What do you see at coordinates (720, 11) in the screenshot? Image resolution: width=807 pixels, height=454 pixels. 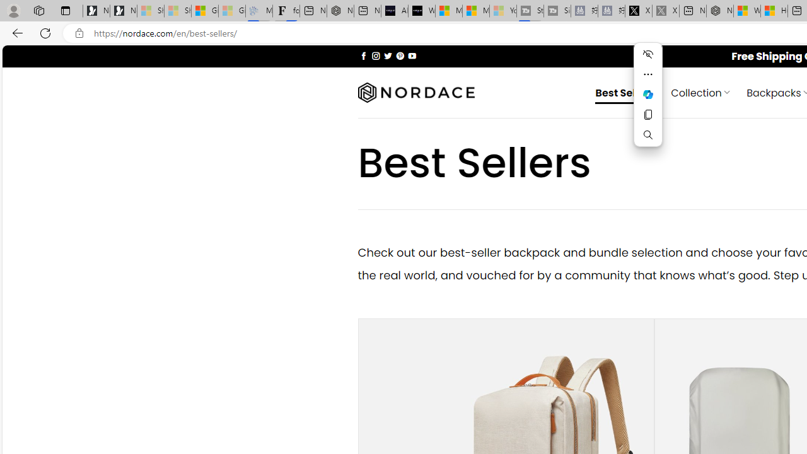 I see `'Nordace - My Account'` at bounding box center [720, 11].